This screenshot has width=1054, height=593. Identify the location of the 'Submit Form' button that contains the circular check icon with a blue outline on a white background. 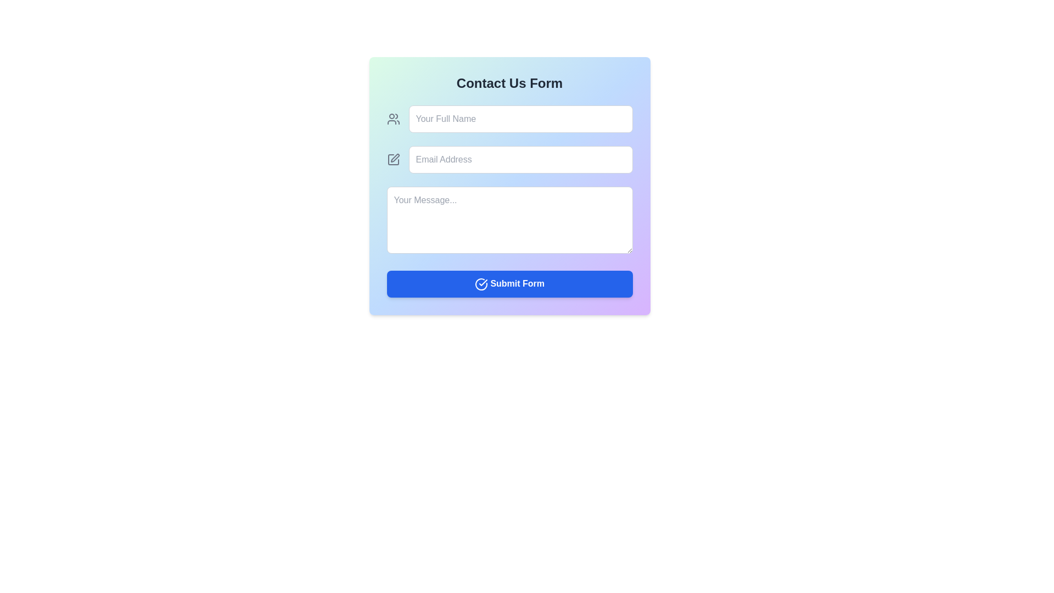
(481, 283).